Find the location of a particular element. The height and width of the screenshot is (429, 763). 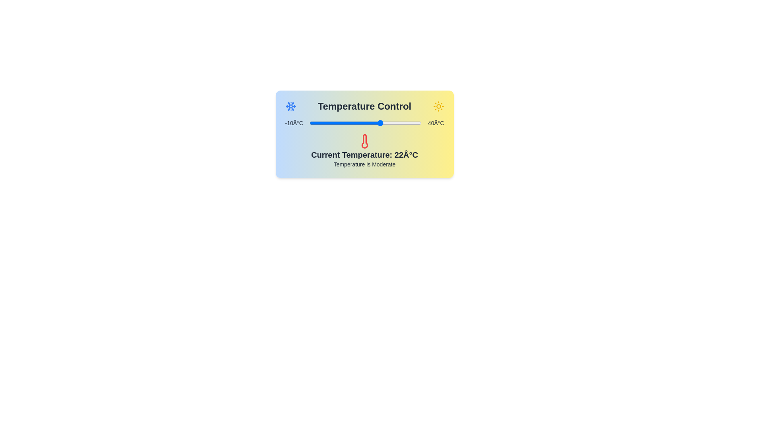

the slider to set the temperature to -2°C is located at coordinates (327, 123).